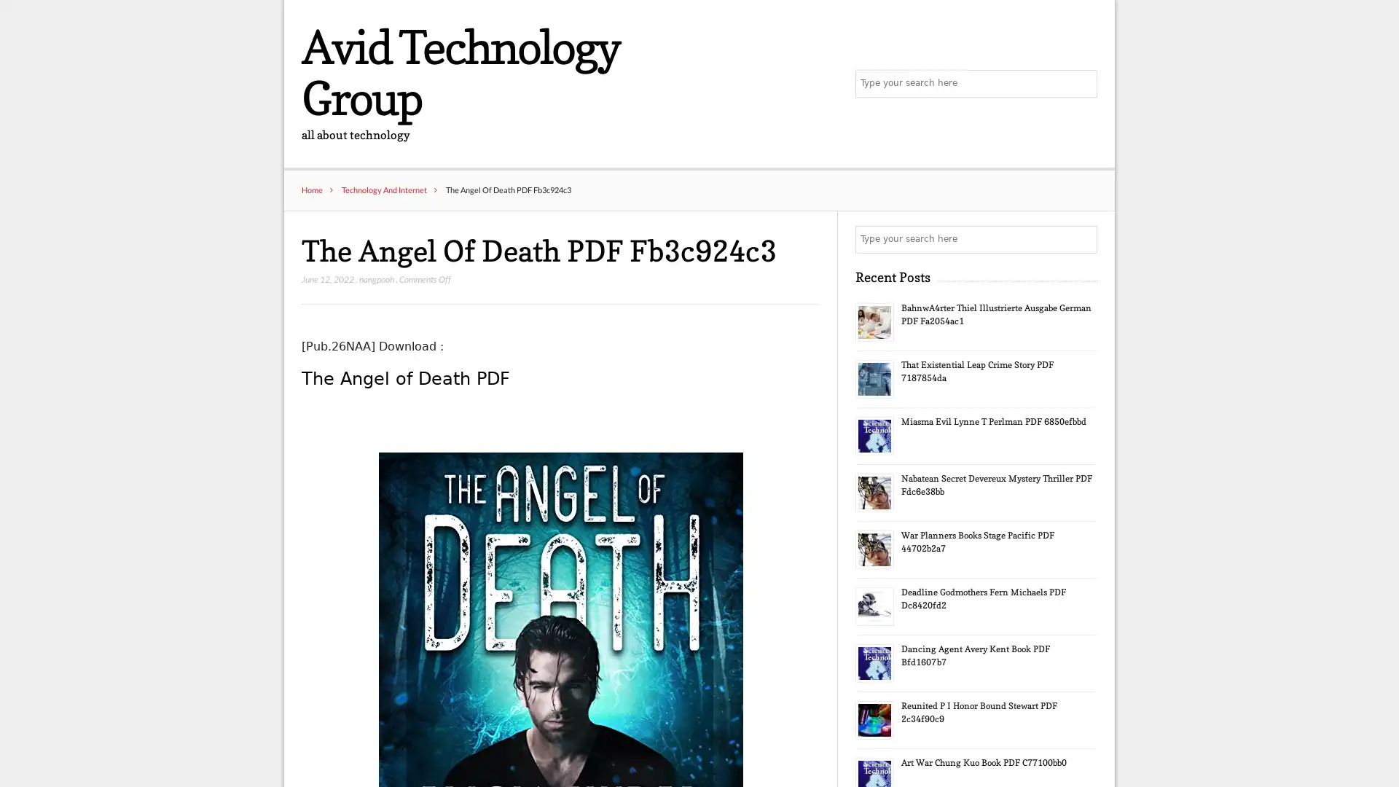 The height and width of the screenshot is (787, 1399). I want to click on Search, so click(1082, 240).